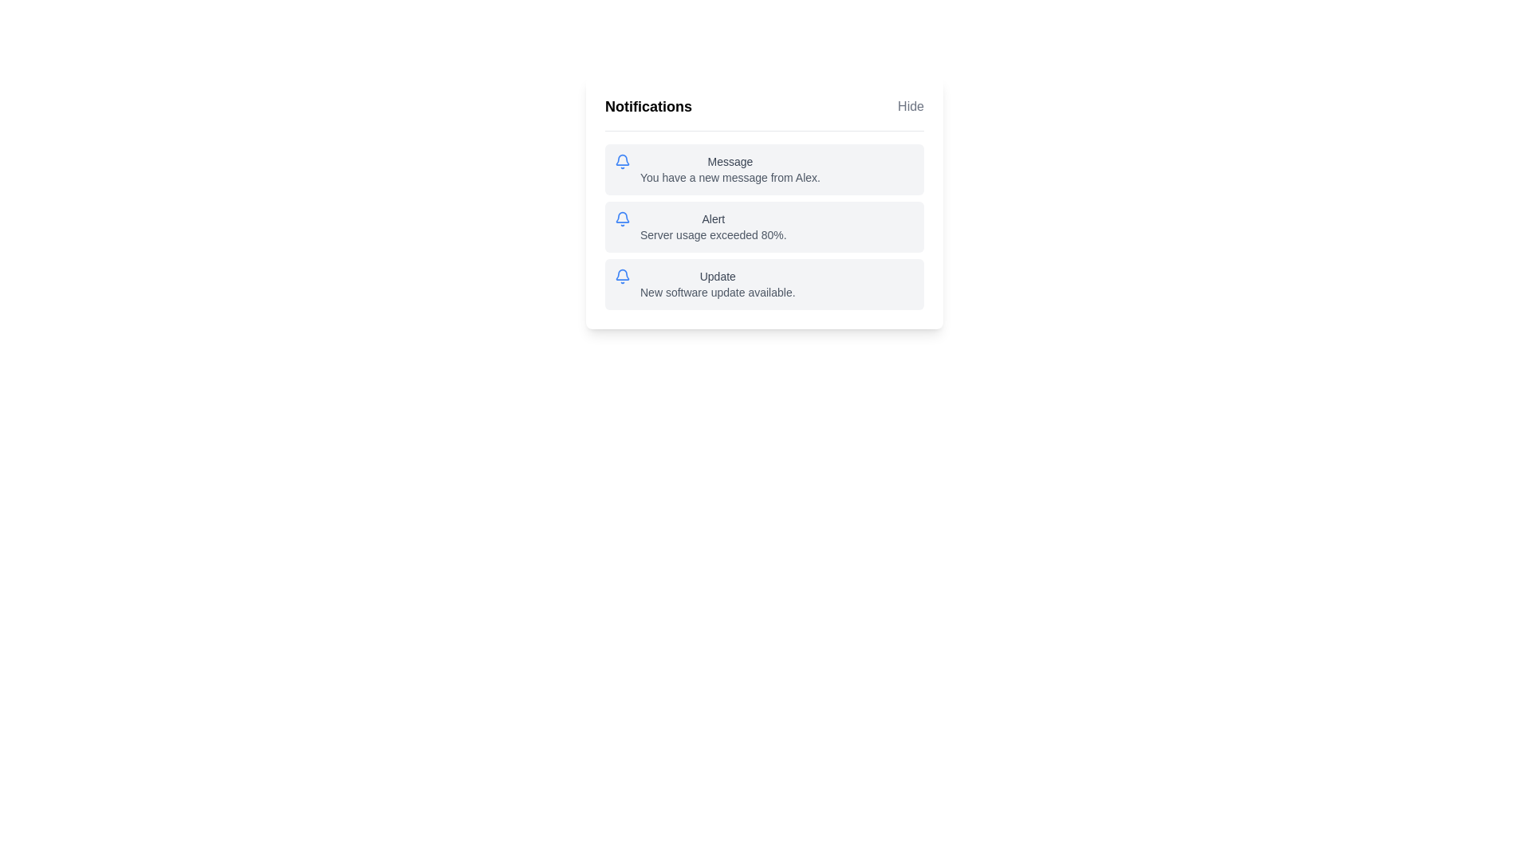  Describe the element at coordinates (764, 169) in the screenshot. I see `the first notification item that displays a new message from Alex` at that location.